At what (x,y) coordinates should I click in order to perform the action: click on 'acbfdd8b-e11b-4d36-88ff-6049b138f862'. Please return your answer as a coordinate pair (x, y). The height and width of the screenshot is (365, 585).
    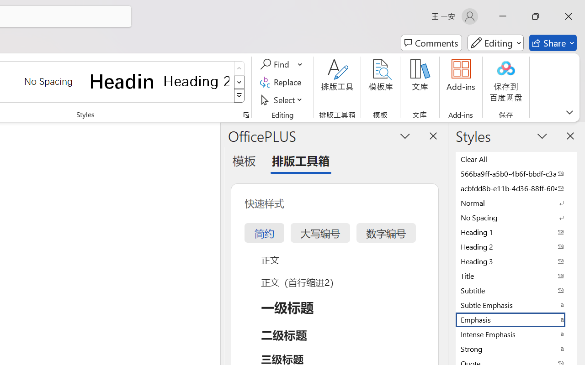
    Looking at the image, I should click on (516, 188).